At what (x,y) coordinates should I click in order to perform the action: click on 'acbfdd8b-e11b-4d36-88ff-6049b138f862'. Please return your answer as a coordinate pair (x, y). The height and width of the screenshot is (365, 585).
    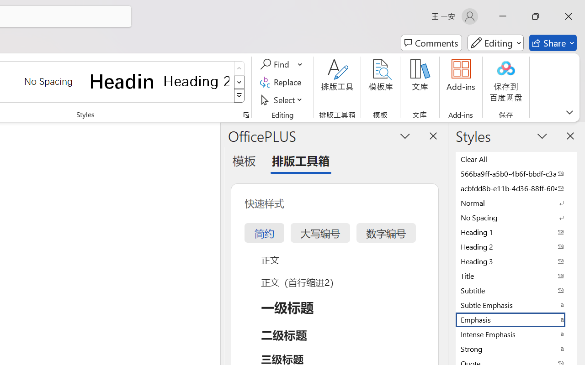
    Looking at the image, I should click on (516, 188).